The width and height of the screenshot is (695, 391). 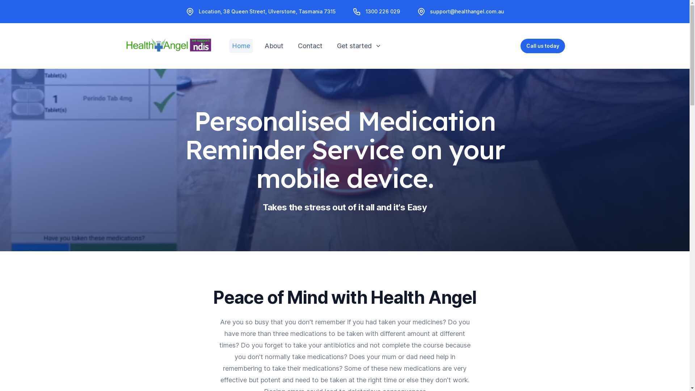 I want to click on 'Get started', so click(x=358, y=46).